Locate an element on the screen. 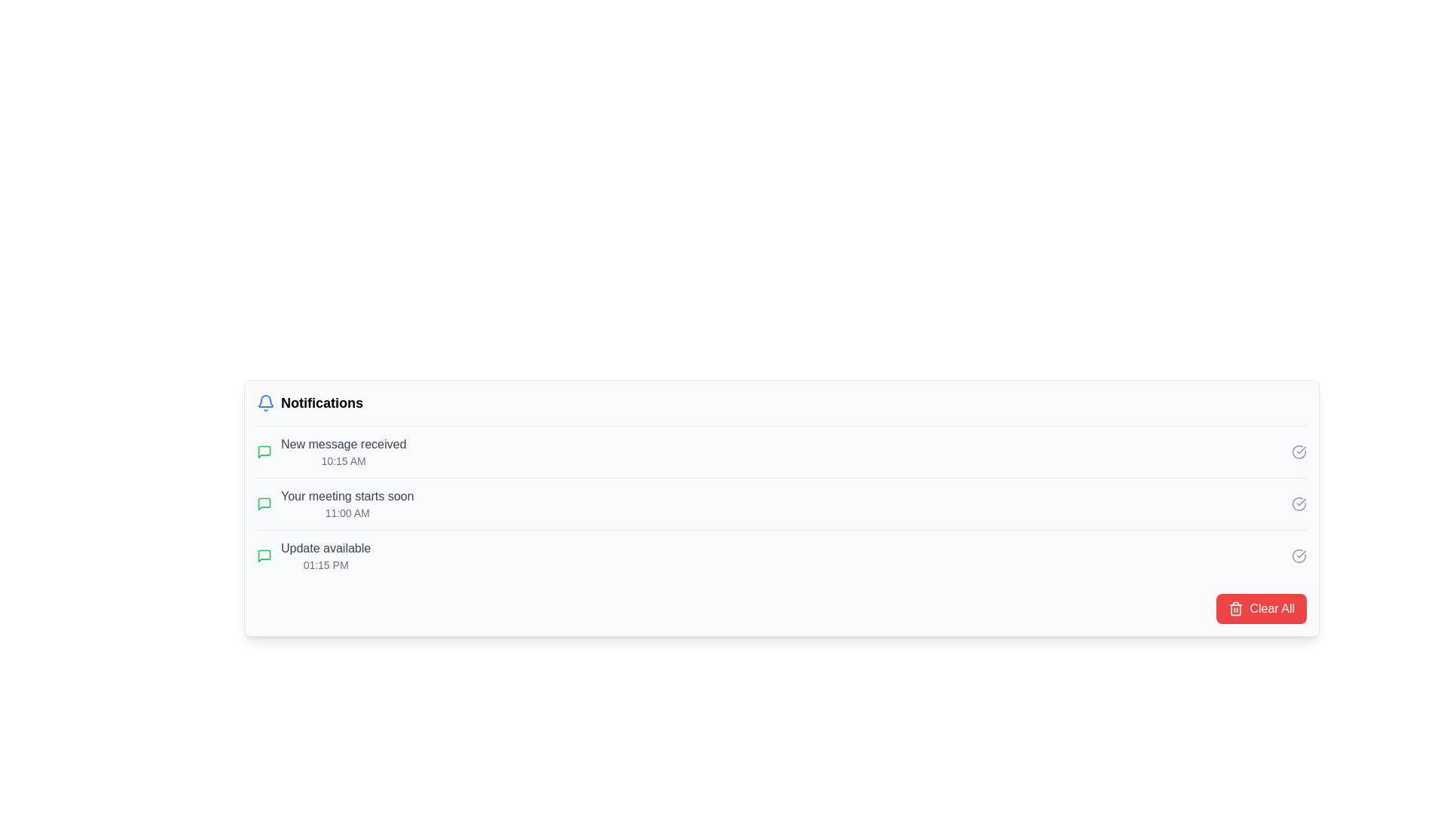 The width and height of the screenshot is (1447, 814). the timestamp text label that indicates the time associated with the 'Update available' notification, located within the notification block at the bottom of the notifications list is located at coordinates (325, 565).